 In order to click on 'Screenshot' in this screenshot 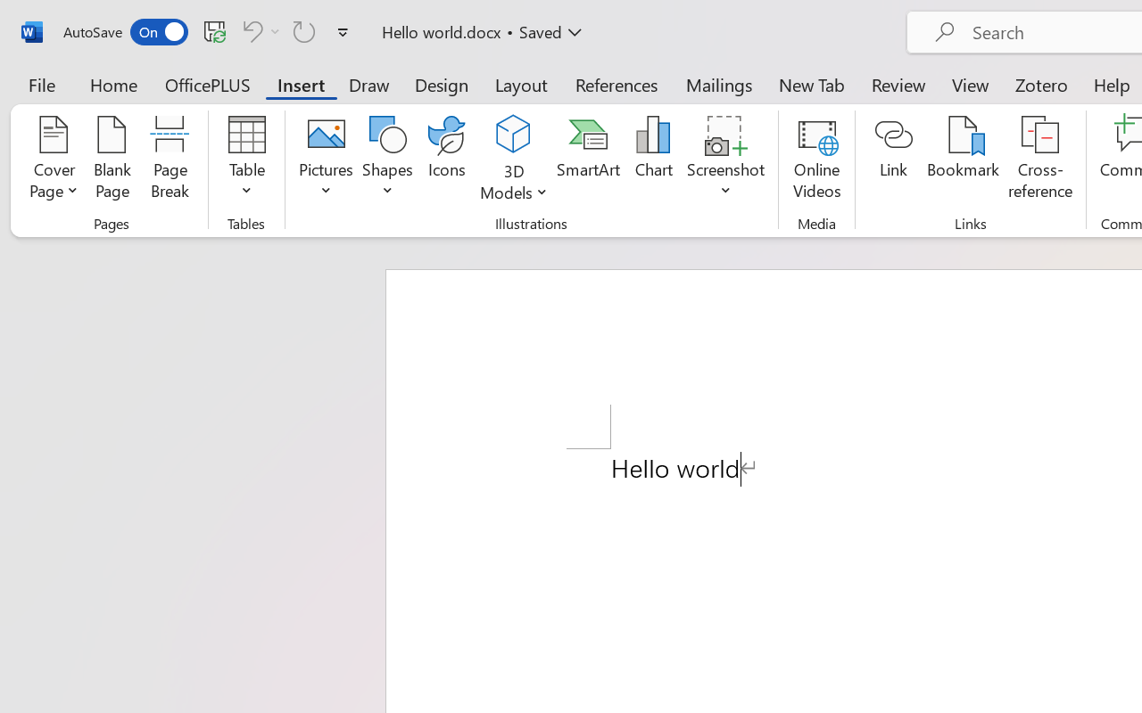, I will do `click(726, 160)`.